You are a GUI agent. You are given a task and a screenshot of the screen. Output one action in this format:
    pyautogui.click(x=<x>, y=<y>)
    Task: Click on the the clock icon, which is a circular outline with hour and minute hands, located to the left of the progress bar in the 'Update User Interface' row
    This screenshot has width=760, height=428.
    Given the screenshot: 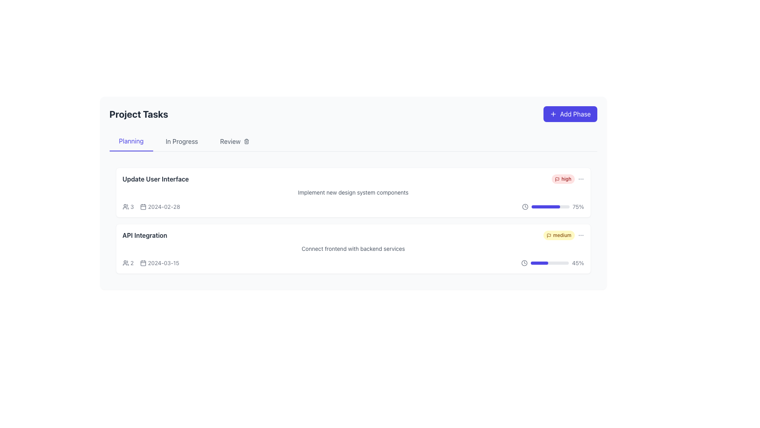 What is the action you would take?
    pyautogui.click(x=525, y=206)
    